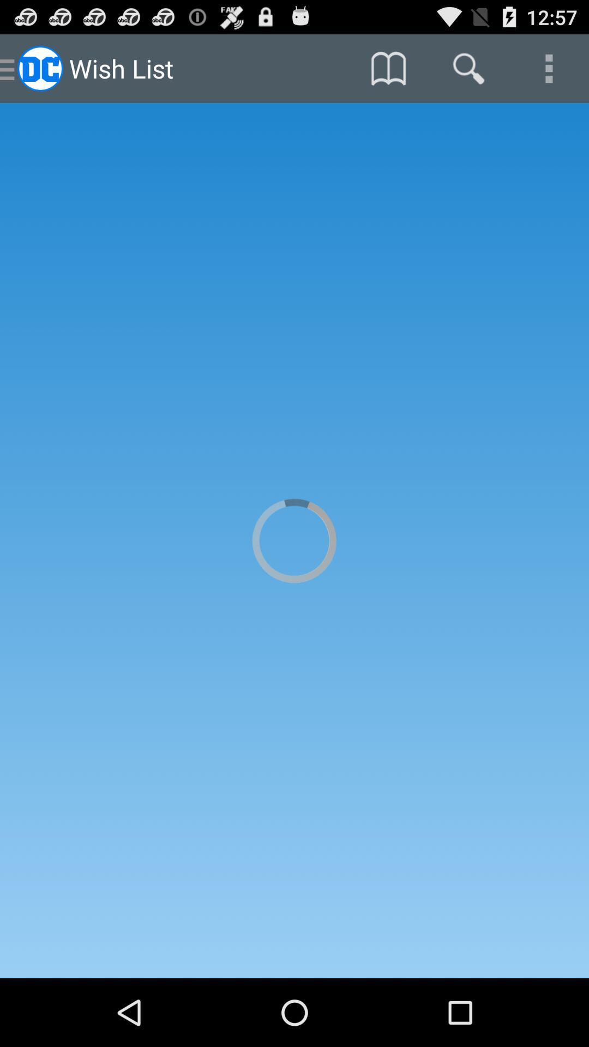  Describe the element at coordinates (468, 68) in the screenshot. I see `the icon above there are no icon` at that location.